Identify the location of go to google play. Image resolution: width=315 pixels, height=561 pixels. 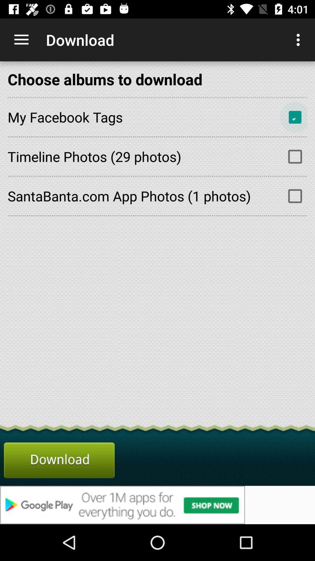
(157, 505).